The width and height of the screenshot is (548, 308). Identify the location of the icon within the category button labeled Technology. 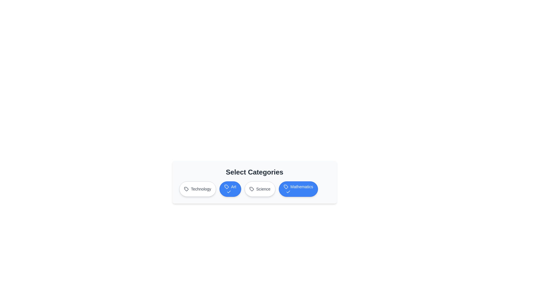
(186, 189).